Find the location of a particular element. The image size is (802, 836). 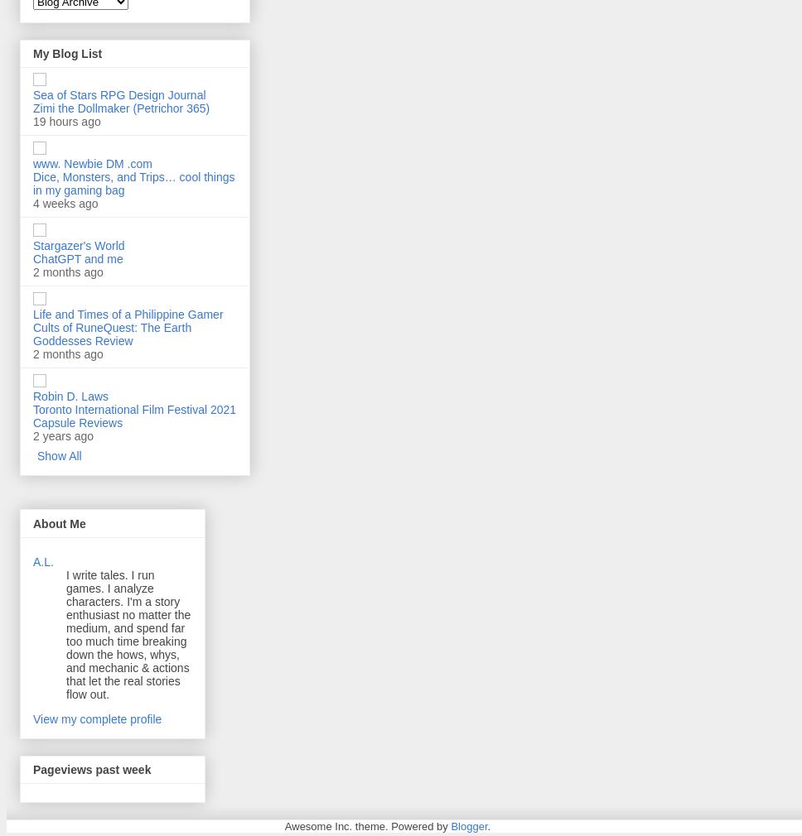

'www.    Newbie DM    .com' is located at coordinates (92, 162).